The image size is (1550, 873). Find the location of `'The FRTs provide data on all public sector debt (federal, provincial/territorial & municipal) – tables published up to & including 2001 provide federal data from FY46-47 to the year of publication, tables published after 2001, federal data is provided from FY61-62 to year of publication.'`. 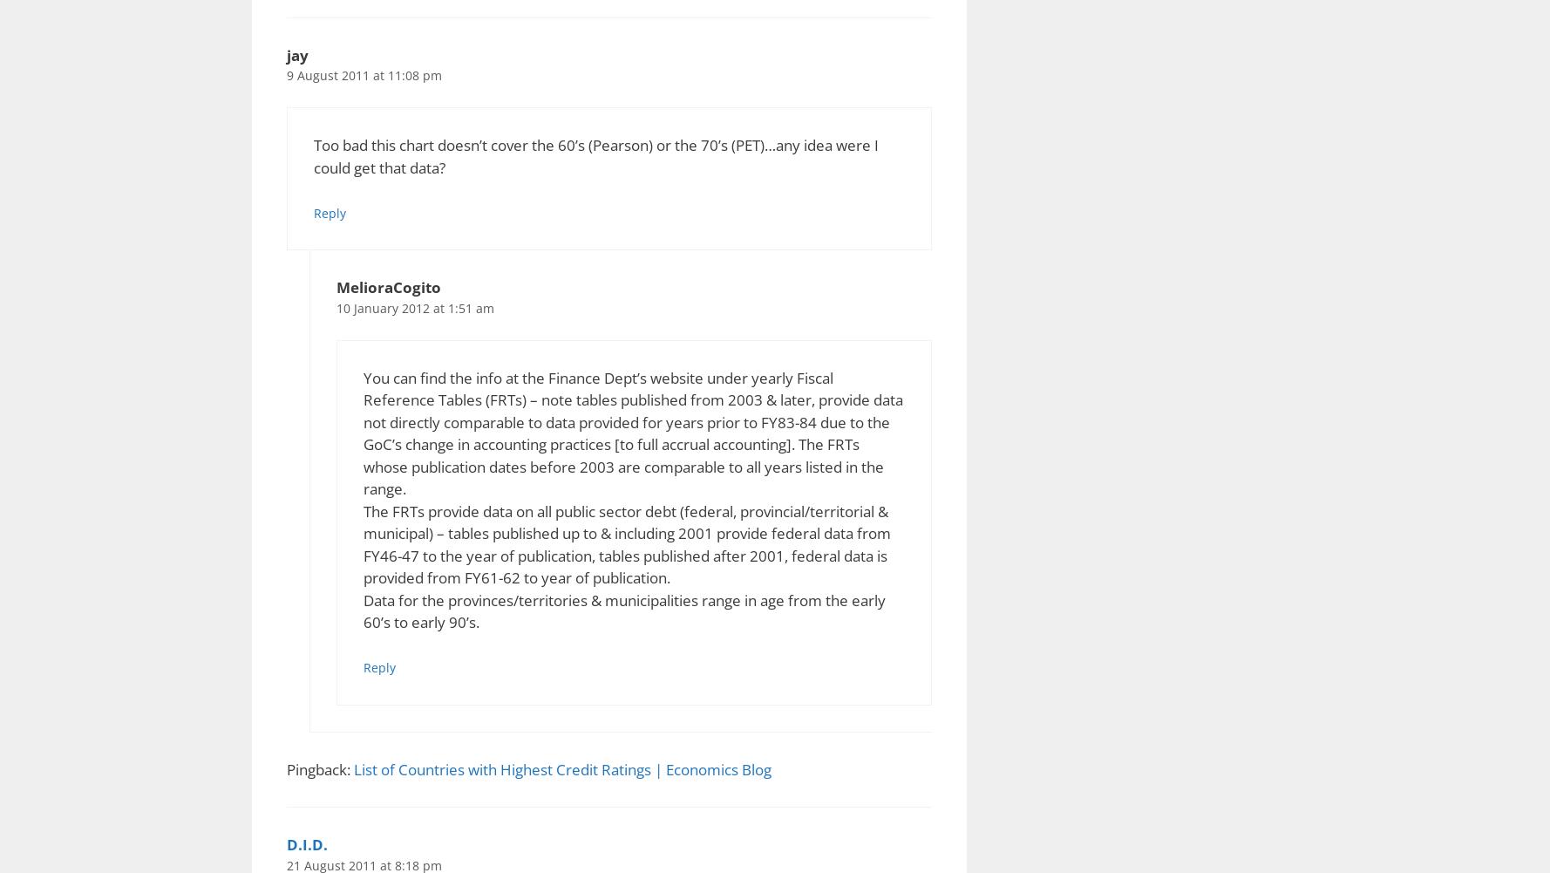

'The FRTs provide data on all public sector debt (federal, provincial/territorial & municipal) – tables published up to & including 2001 provide federal data from FY46-47 to the year of publication, tables published after 2001, federal data is provided from FY61-62 to year of publication.' is located at coordinates (625, 544).